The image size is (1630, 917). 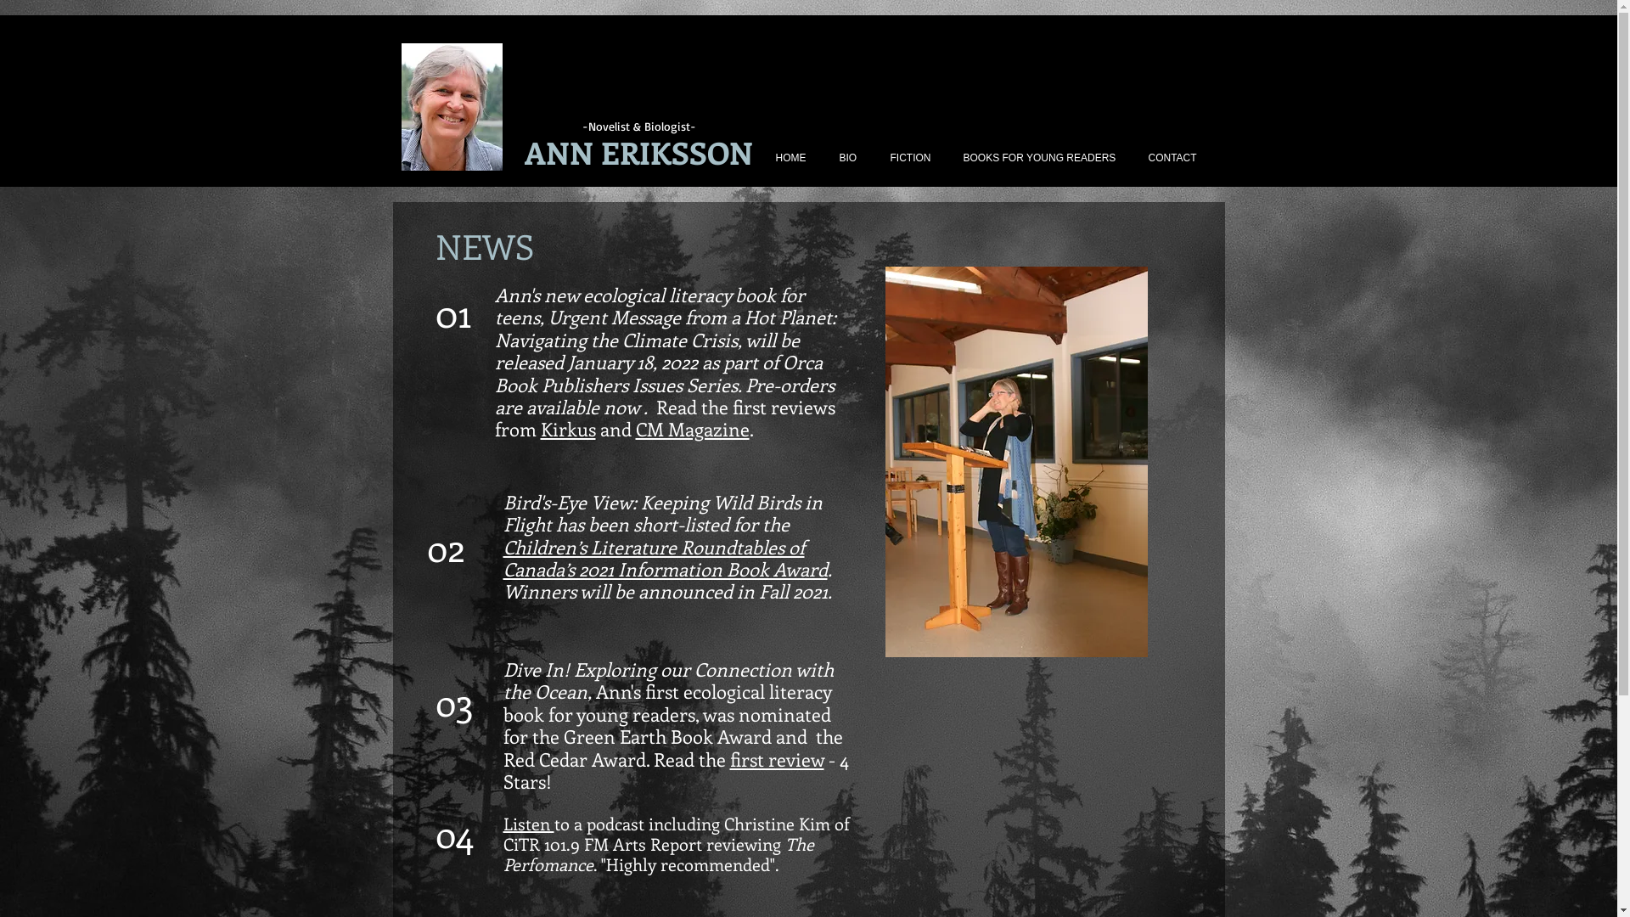 I want to click on 'Kirkus', so click(x=538, y=428).